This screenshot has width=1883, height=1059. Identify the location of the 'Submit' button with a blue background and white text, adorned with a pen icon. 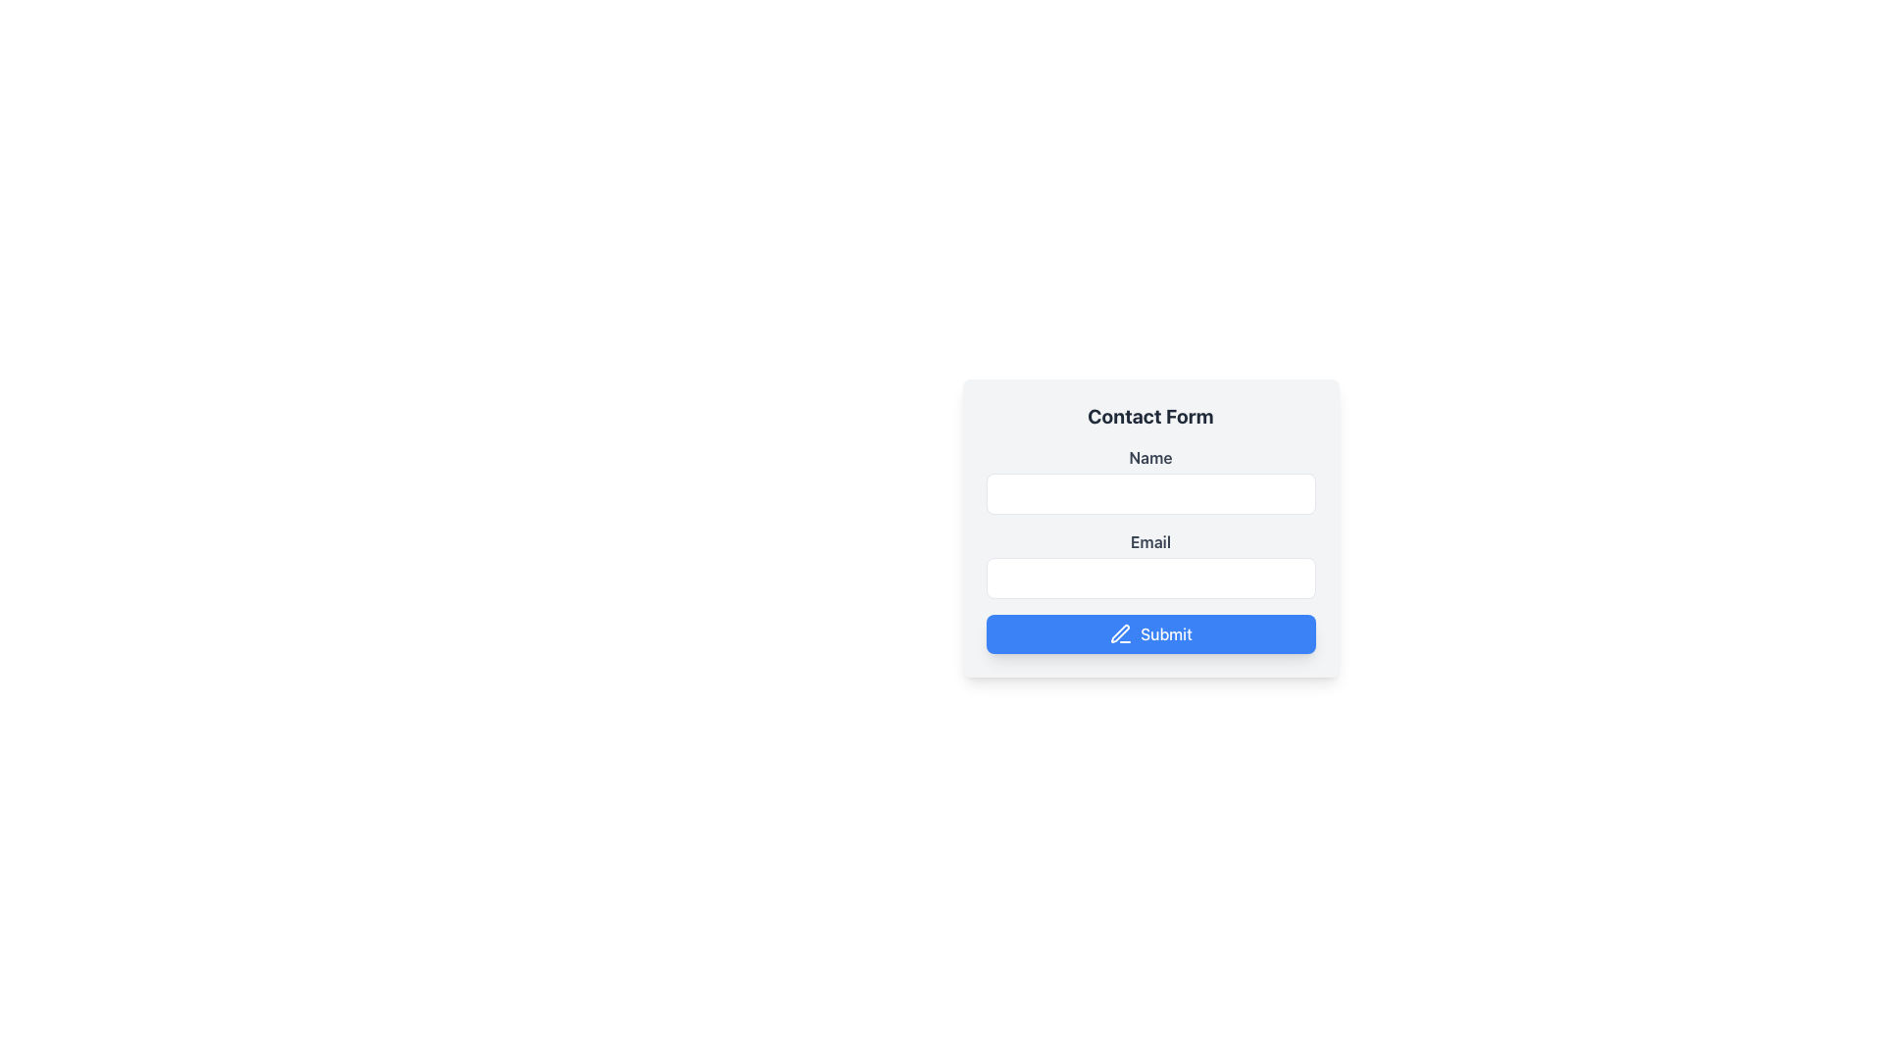
(1150, 634).